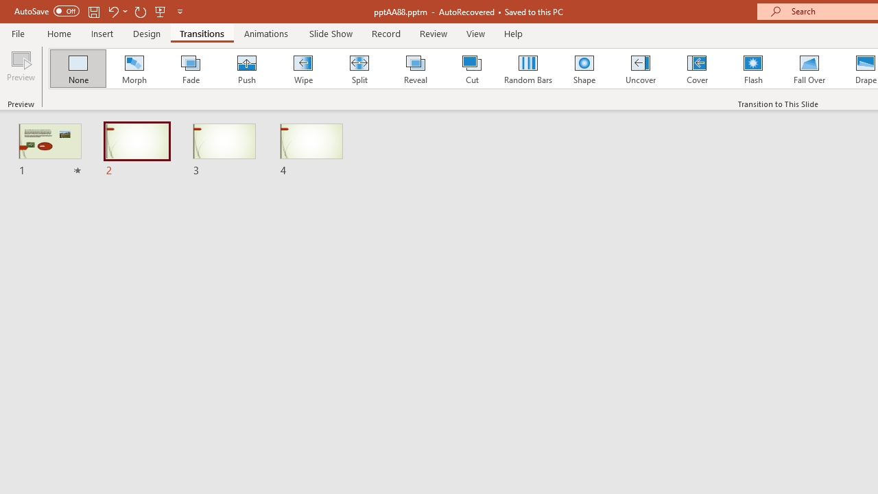 This screenshot has width=878, height=494. Describe the element at coordinates (640, 69) in the screenshot. I see `'Uncover'` at that location.